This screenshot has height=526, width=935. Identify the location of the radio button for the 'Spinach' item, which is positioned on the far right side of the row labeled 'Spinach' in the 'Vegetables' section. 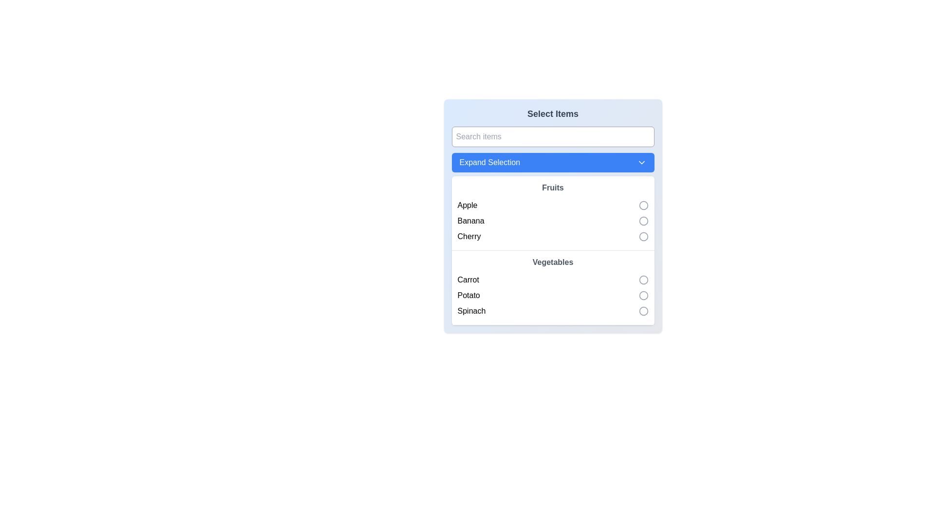
(643, 311).